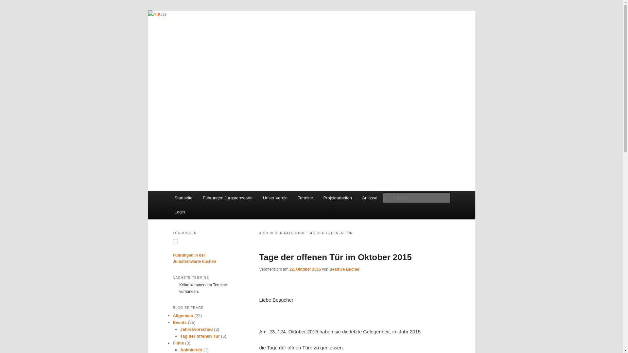 The width and height of the screenshot is (628, 353). What do you see at coordinates (173, 34) in the screenshot?
I see `'AJUG'` at bounding box center [173, 34].